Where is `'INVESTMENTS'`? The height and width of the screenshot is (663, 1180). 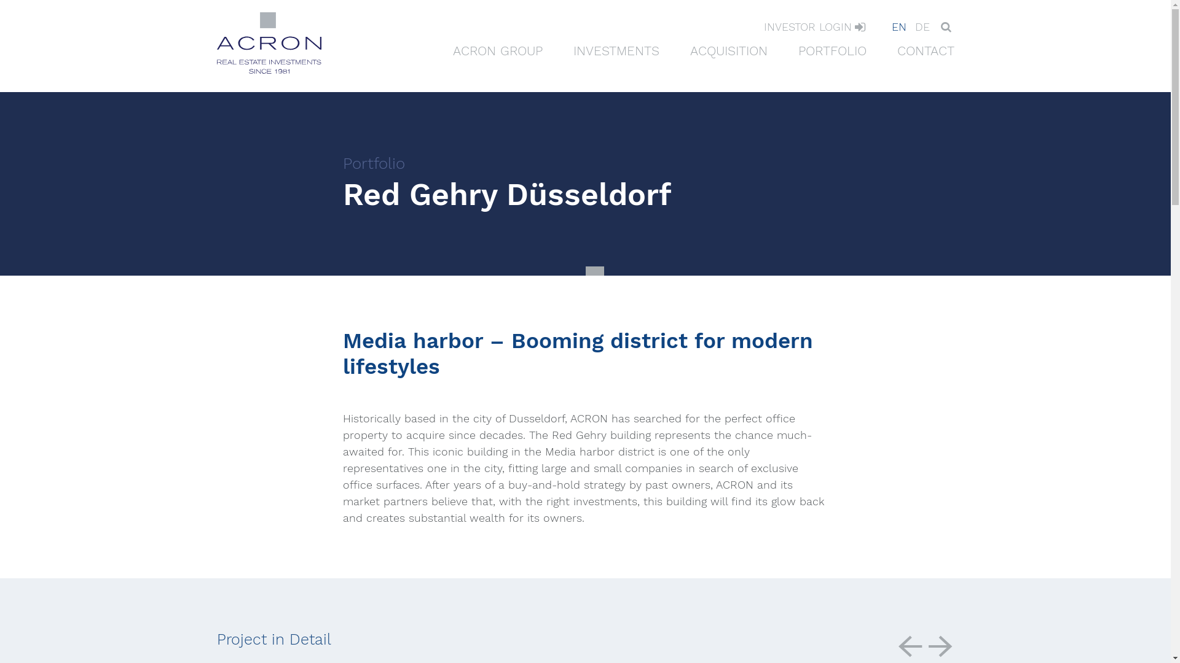 'INVESTMENTS' is located at coordinates (616, 50).